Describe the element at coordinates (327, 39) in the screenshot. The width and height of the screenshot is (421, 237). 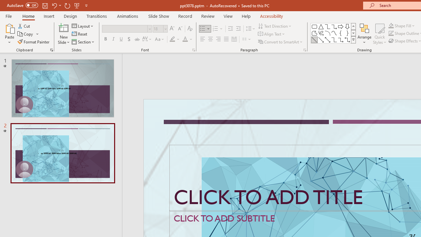
I see `'Line Arrow: Double'` at that location.